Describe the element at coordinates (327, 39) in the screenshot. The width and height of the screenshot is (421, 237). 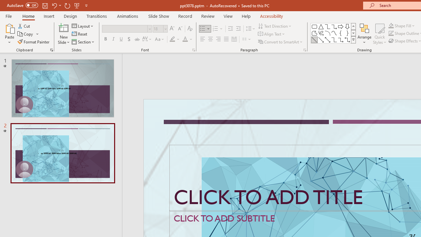
I see `'Line Arrow: Double'` at that location.